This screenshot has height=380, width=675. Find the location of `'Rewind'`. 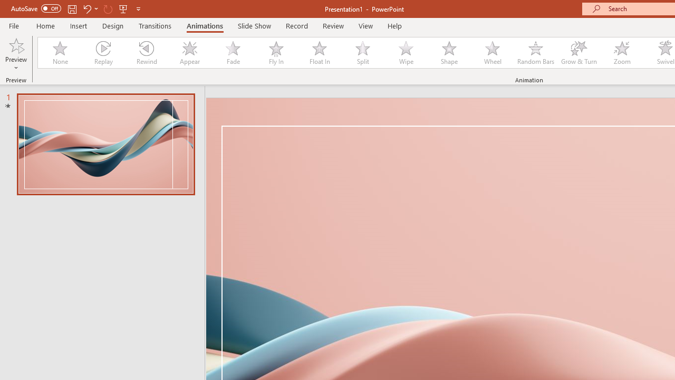

'Rewind' is located at coordinates (146, 53).